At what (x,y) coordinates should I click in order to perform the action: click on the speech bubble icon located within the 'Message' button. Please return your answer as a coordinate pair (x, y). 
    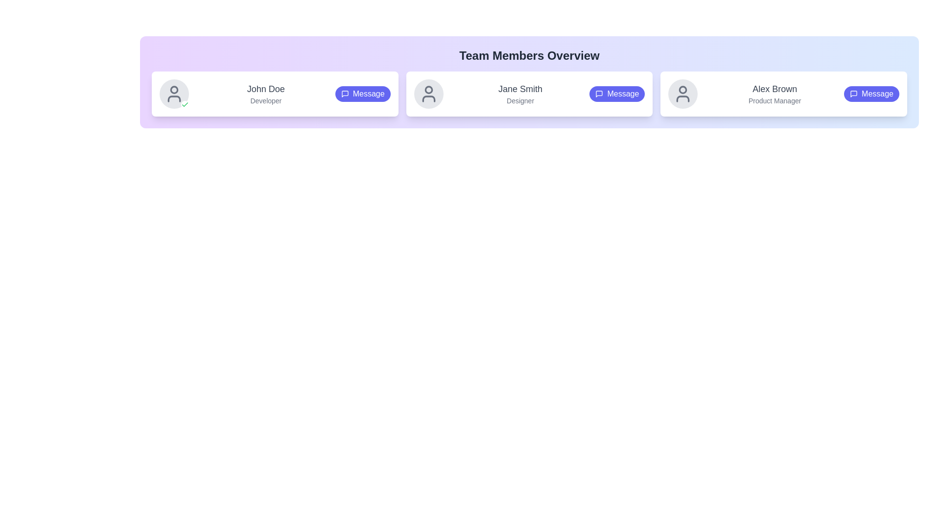
    Looking at the image, I should click on (599, 94).